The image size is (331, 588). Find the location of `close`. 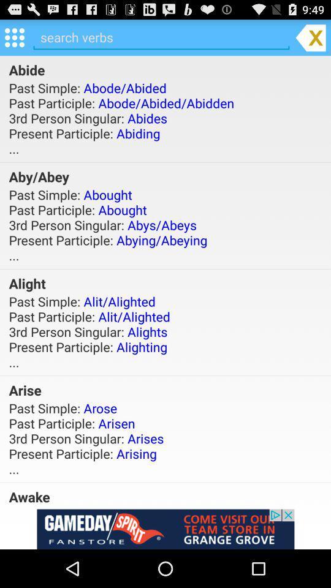

close is located at coordinates (311, 37).